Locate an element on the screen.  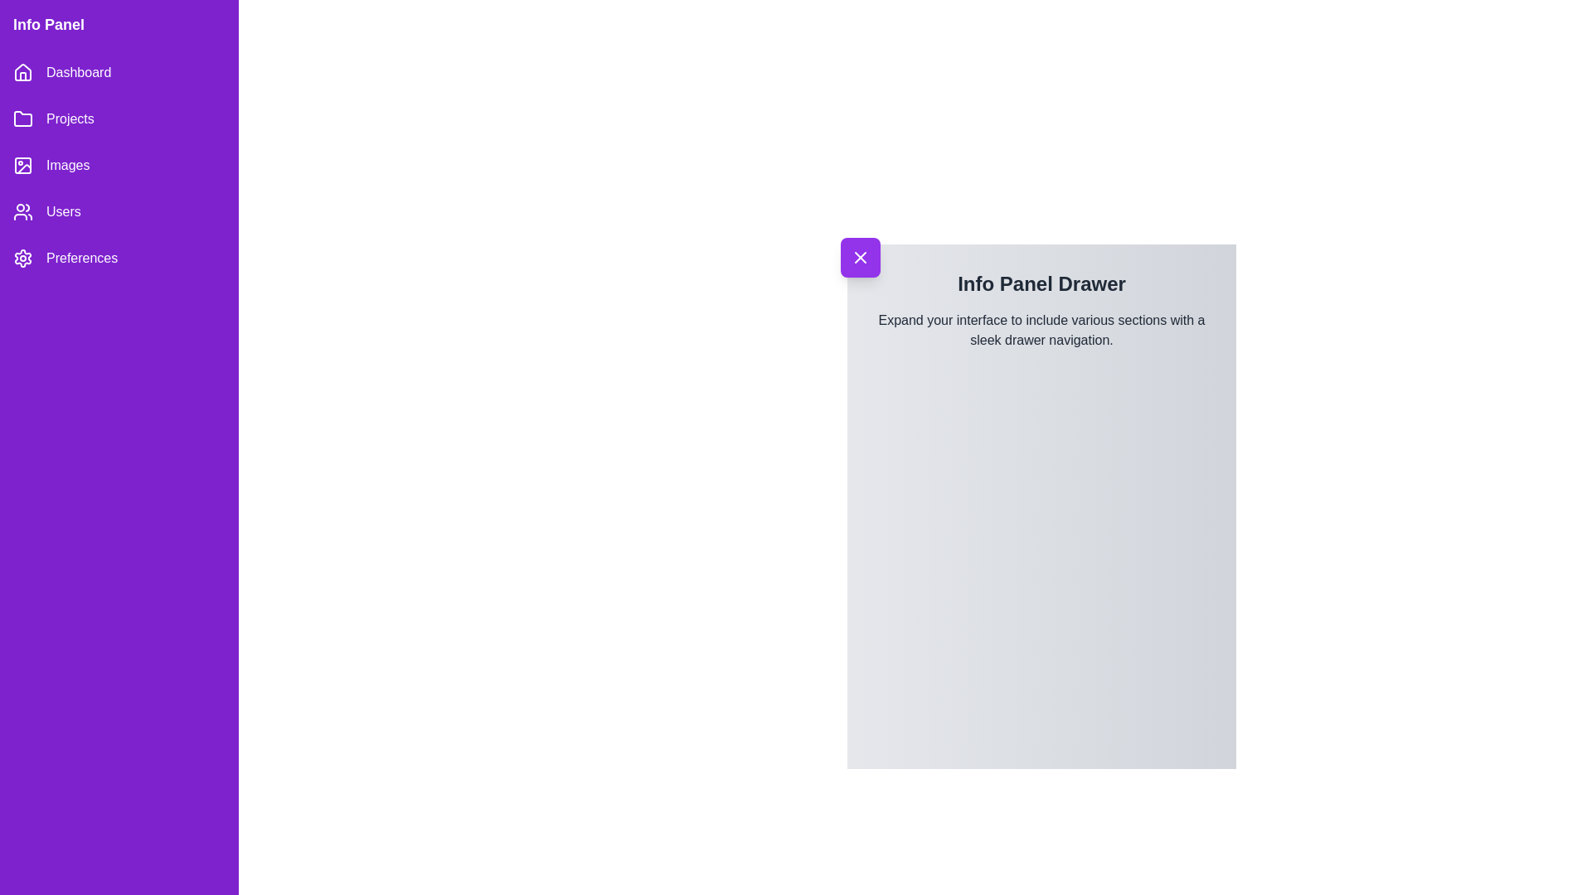
the menu item Preferences to navigate is located at coordinates (119, 259).